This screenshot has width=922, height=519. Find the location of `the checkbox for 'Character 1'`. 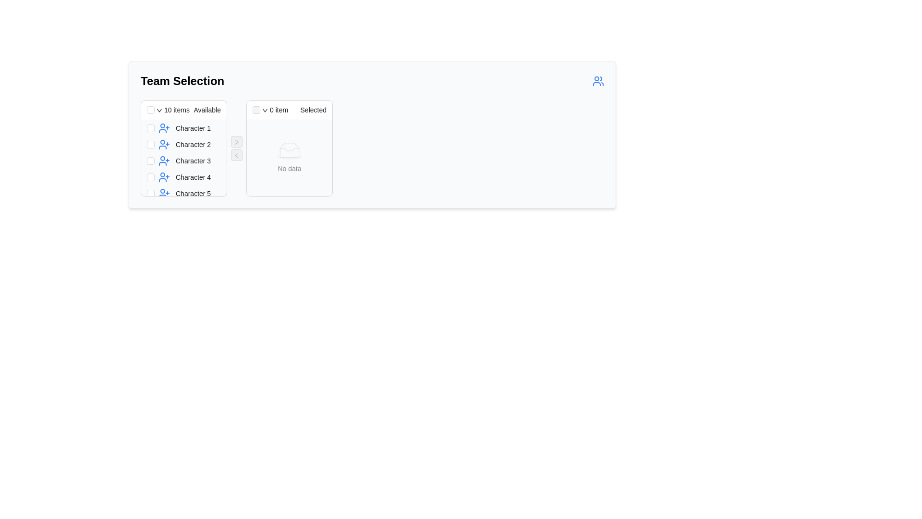

the checkbox for 'Character 1' is located at coordinates (150, 127).